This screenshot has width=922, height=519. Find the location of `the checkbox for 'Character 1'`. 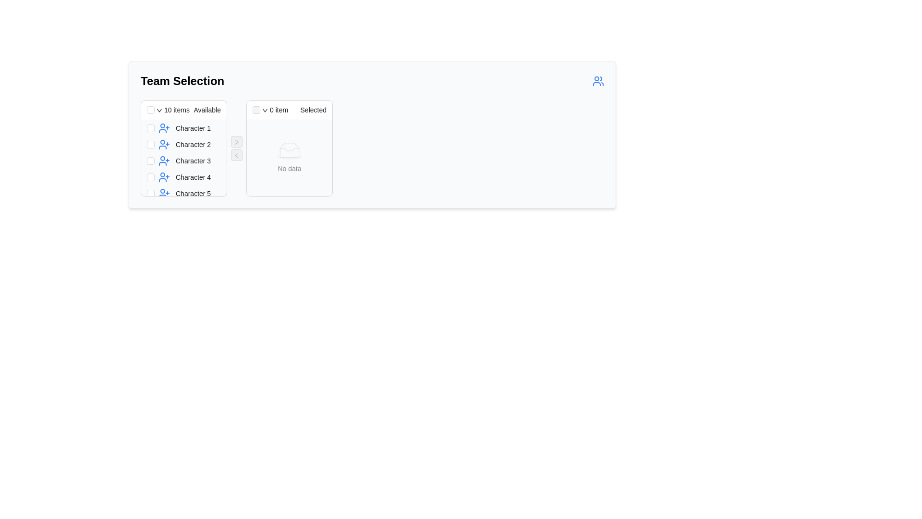

the checkbox for 'Character 1' is located at coordinates (150, 127).